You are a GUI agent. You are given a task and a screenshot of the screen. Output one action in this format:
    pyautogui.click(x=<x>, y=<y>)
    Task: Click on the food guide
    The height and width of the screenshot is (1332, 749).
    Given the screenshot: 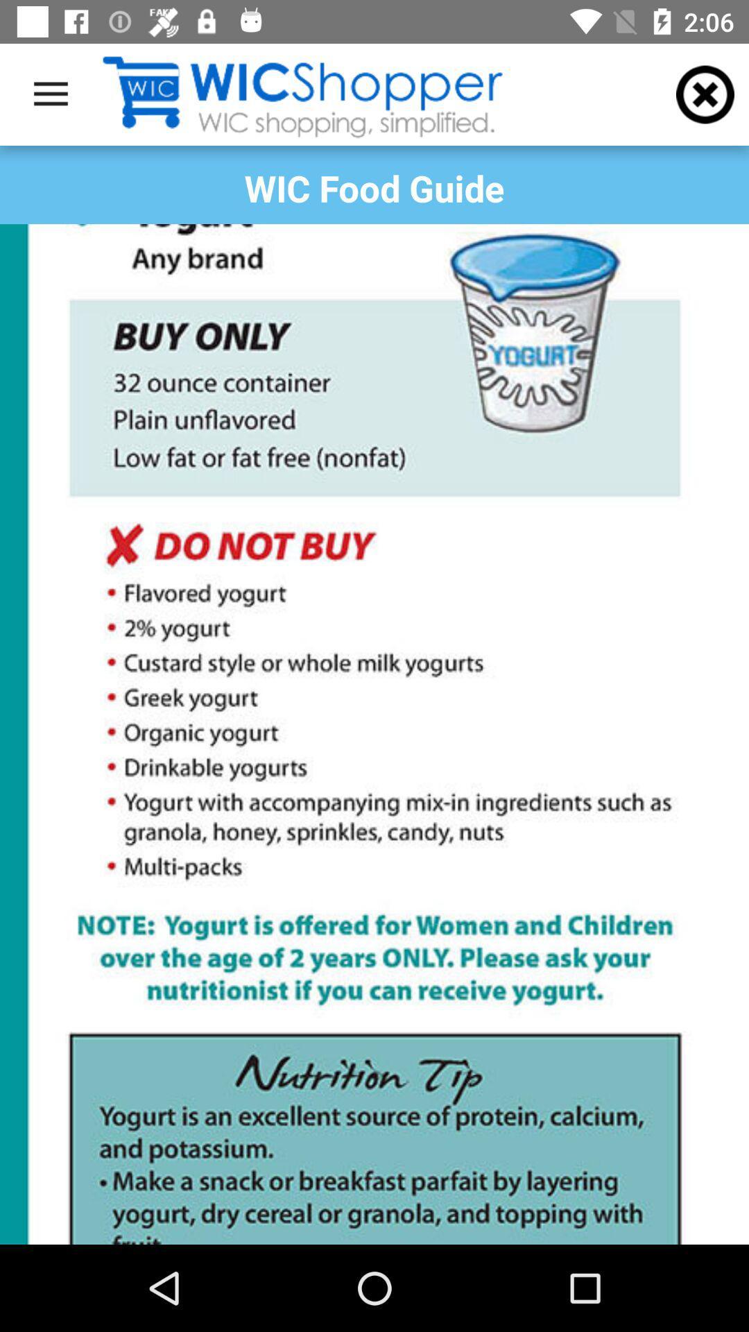 What is the action you would take?
    pyautogui.click(x=374, y=733)
    